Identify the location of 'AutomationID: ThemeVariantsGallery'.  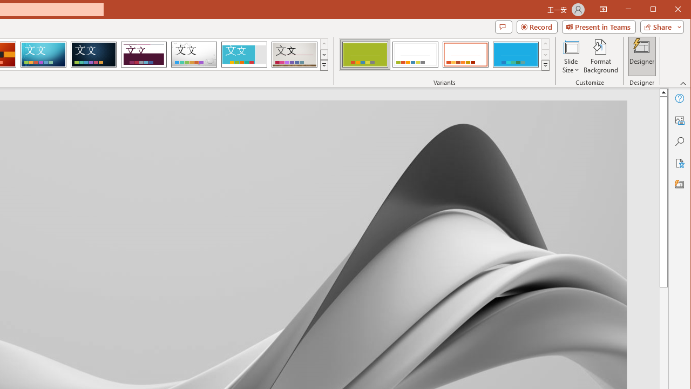
(445, 55).